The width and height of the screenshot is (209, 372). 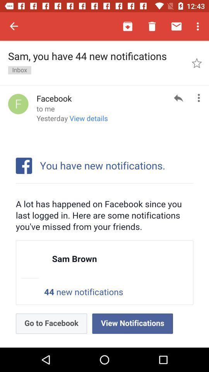 I want to click on the icon below the to me item, so click(x=72, y=121).